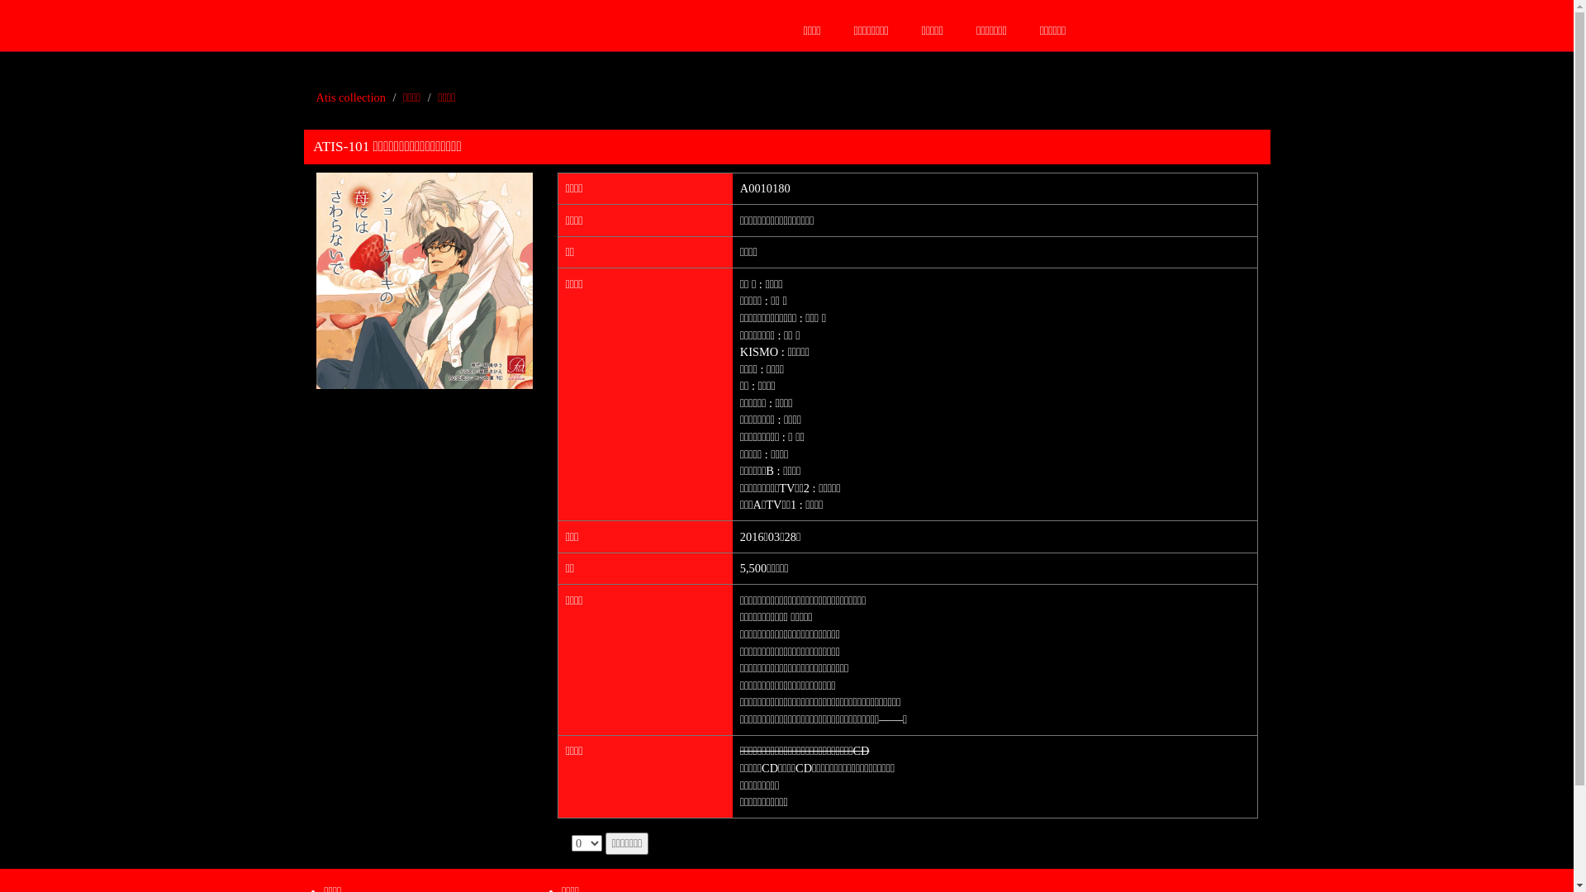 The height and width of the screenshot is (892, 1586). What do you see at coordinates (349, 97) in the screenshot?
I see `'Atis collection'` at bounding box center [349, 97].